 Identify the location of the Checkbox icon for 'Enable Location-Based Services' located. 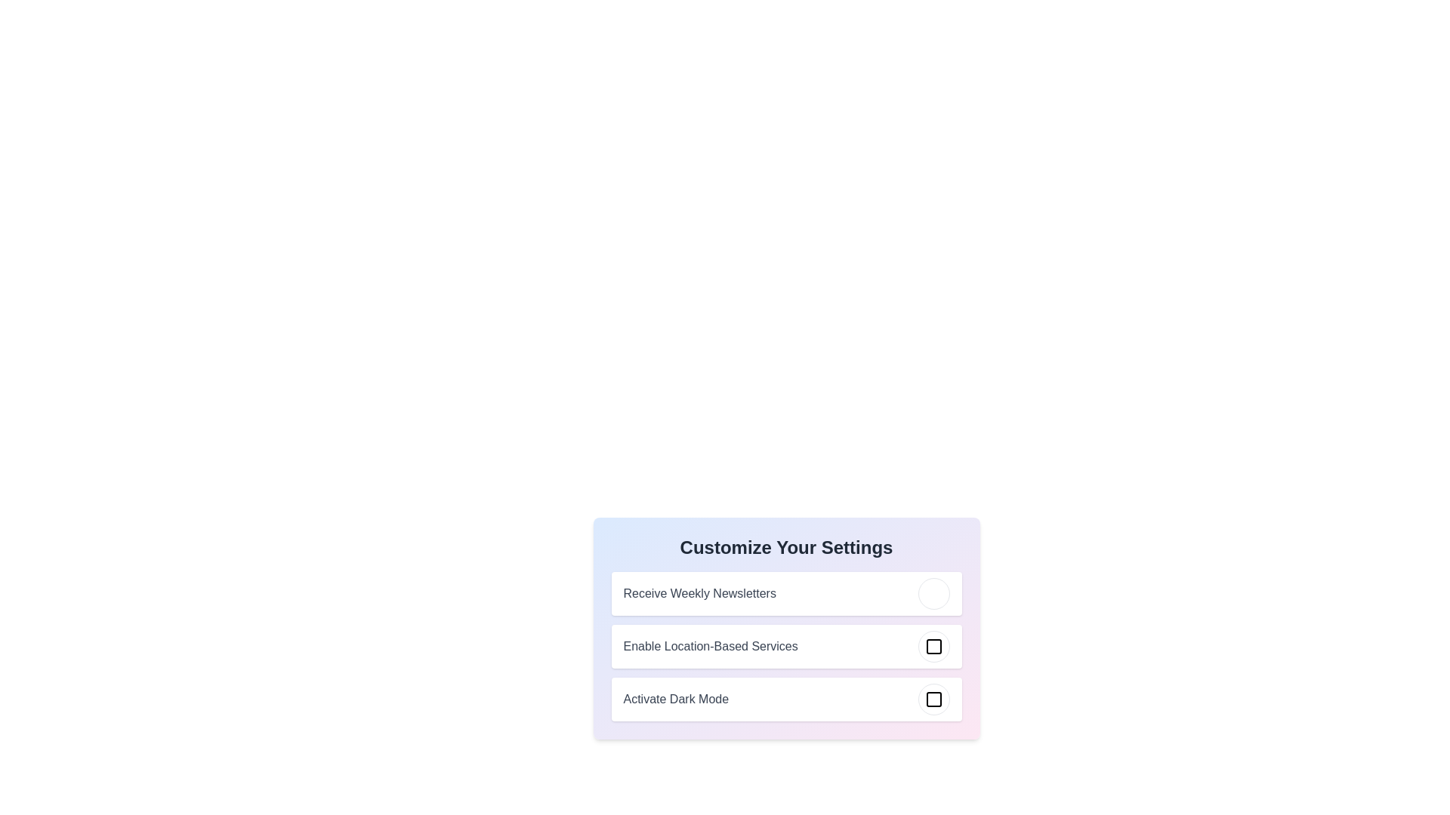
(933, 645).